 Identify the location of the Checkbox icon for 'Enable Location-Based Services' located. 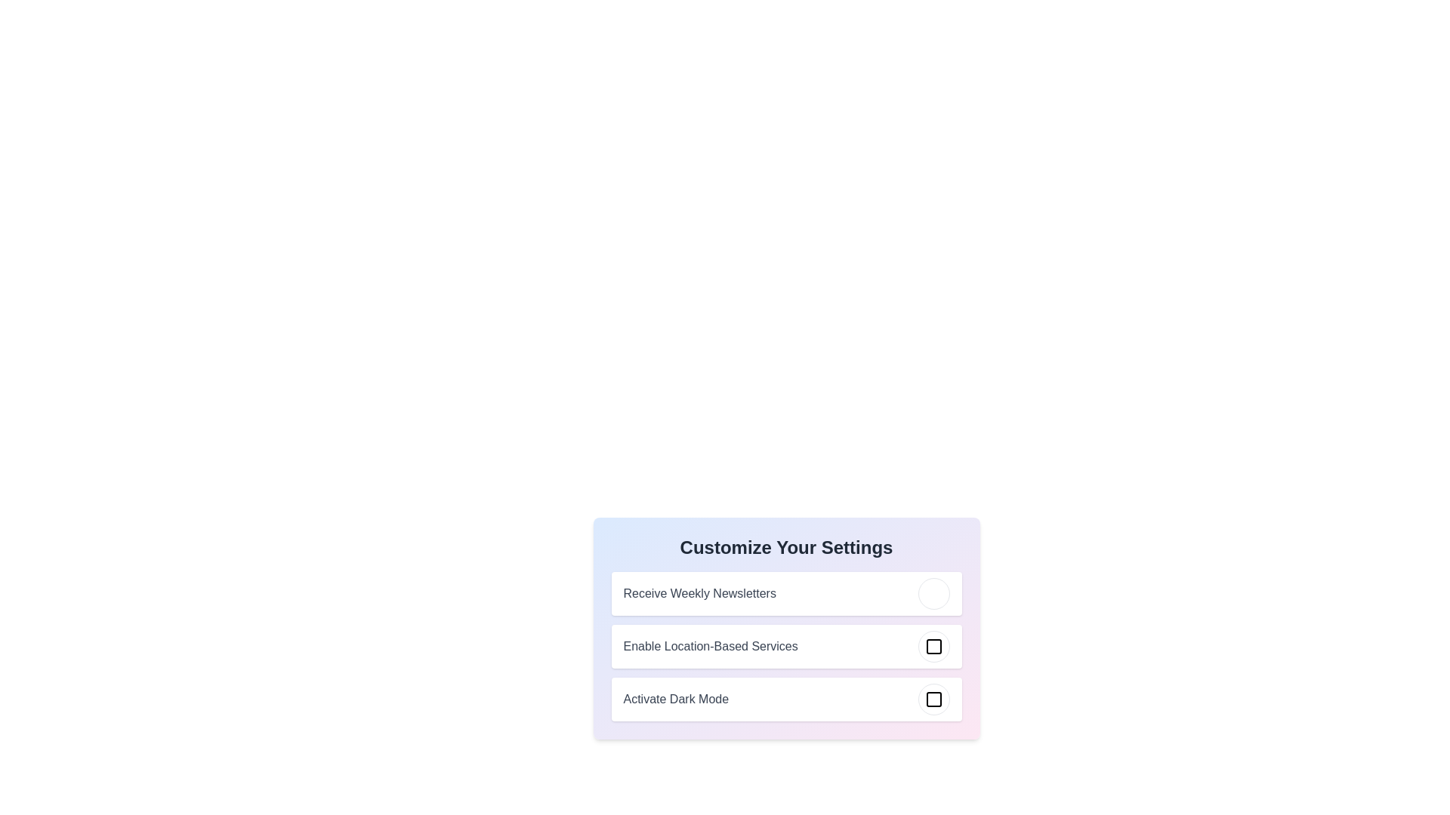
(933, 645).